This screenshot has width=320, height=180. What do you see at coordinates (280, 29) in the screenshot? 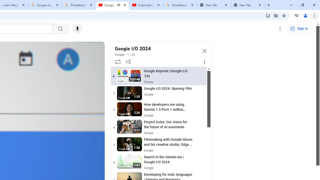
I see `'Settings'` at bounding box center [280, 29].